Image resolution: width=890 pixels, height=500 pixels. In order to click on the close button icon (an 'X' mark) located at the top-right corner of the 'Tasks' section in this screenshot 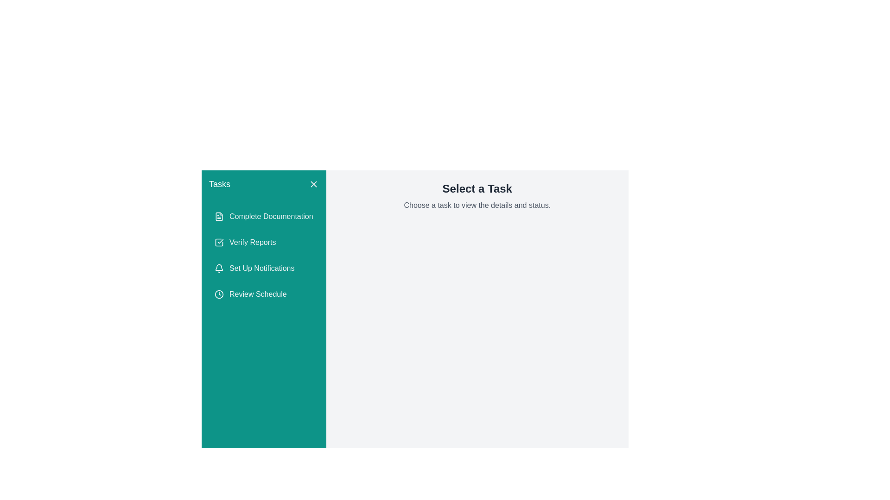, I will do `click(313, 184)`.